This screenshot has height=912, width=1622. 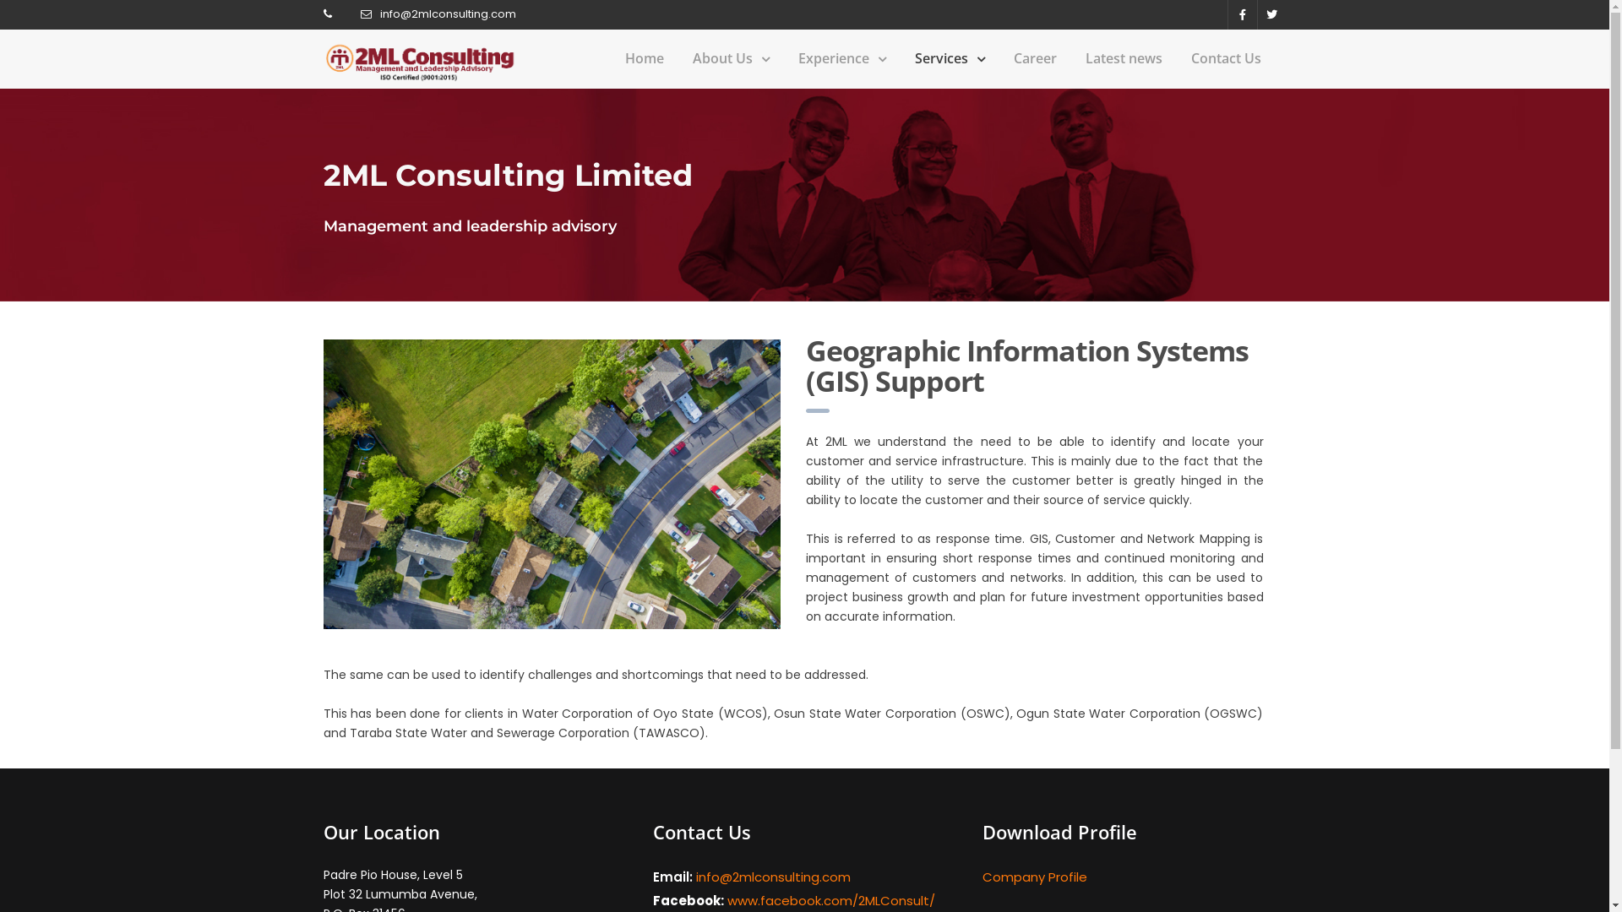 I want to click on 'info@2mlconsulting.com', so click(x=379, y=14).